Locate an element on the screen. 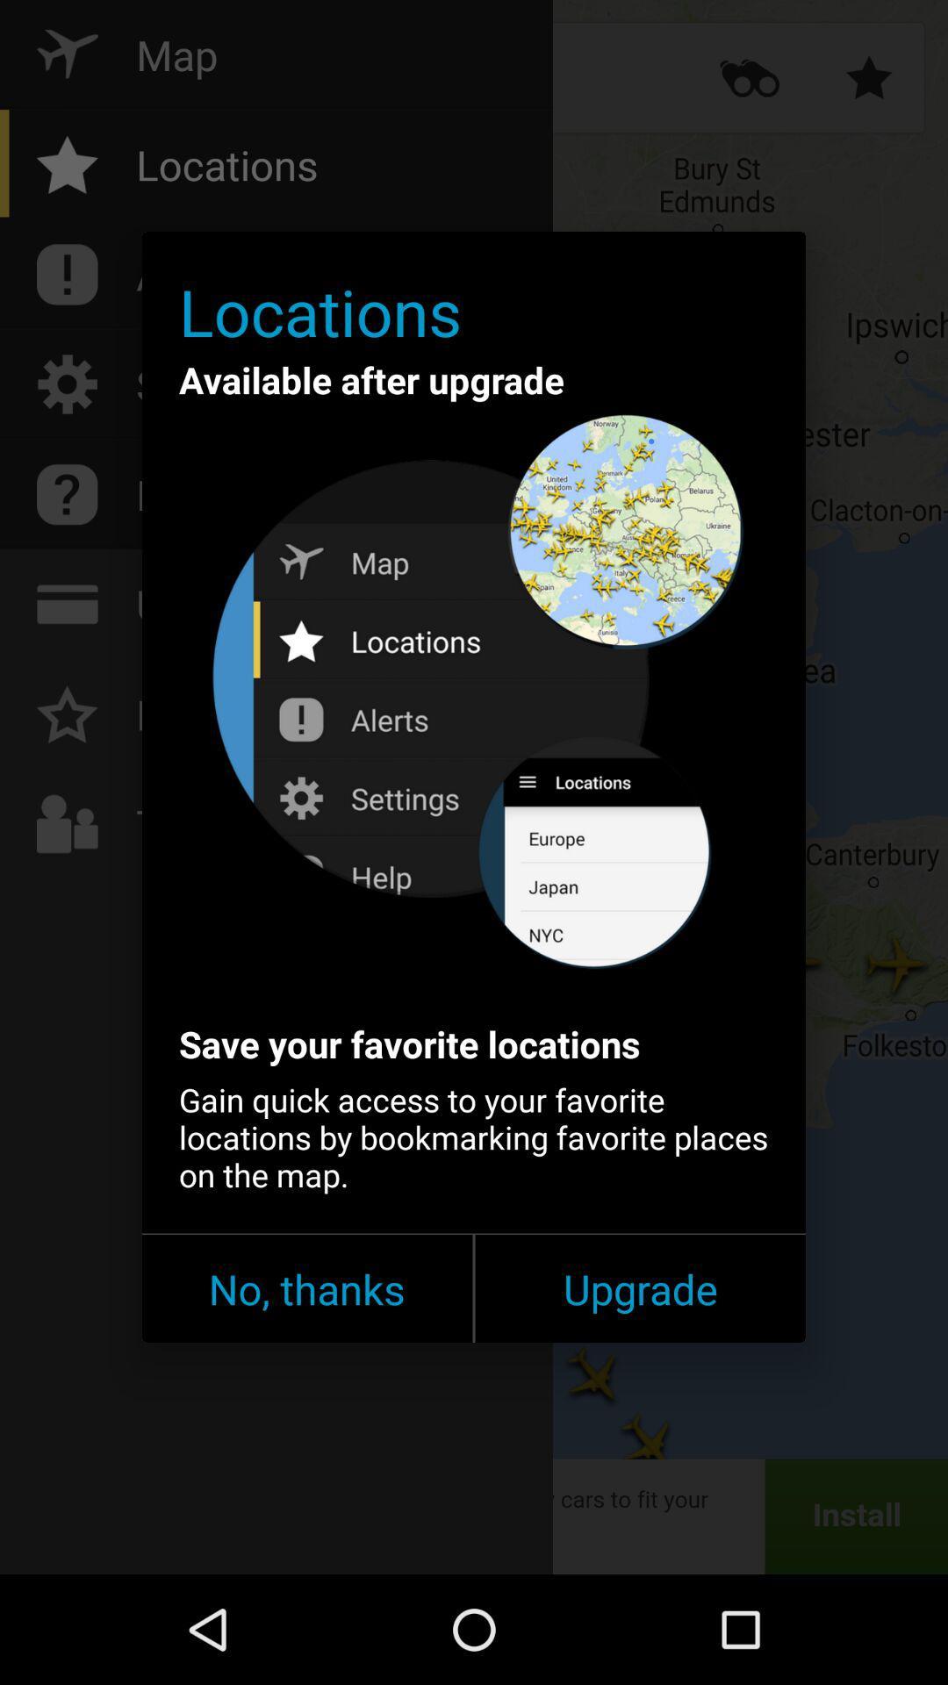  the star icon is located at coordinates (869, 77).